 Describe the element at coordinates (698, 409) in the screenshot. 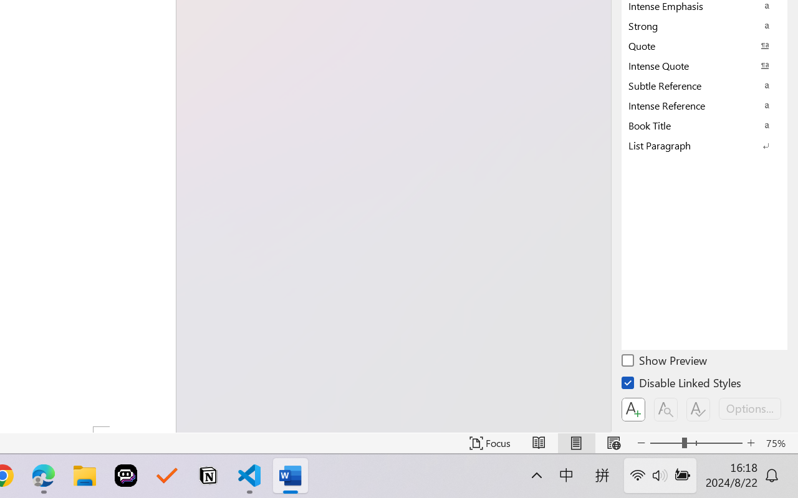

I see `'Class: NetUIButton'` at that location.